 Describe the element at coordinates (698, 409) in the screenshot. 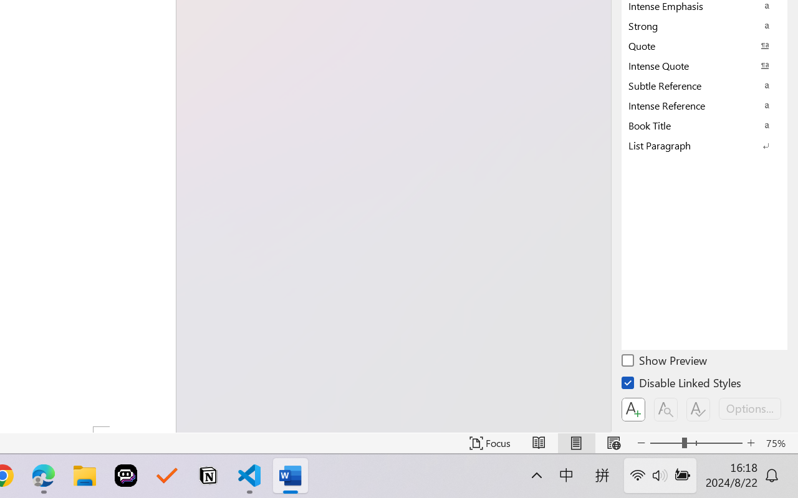

I see `'Class: NetUIButton'` at that location.